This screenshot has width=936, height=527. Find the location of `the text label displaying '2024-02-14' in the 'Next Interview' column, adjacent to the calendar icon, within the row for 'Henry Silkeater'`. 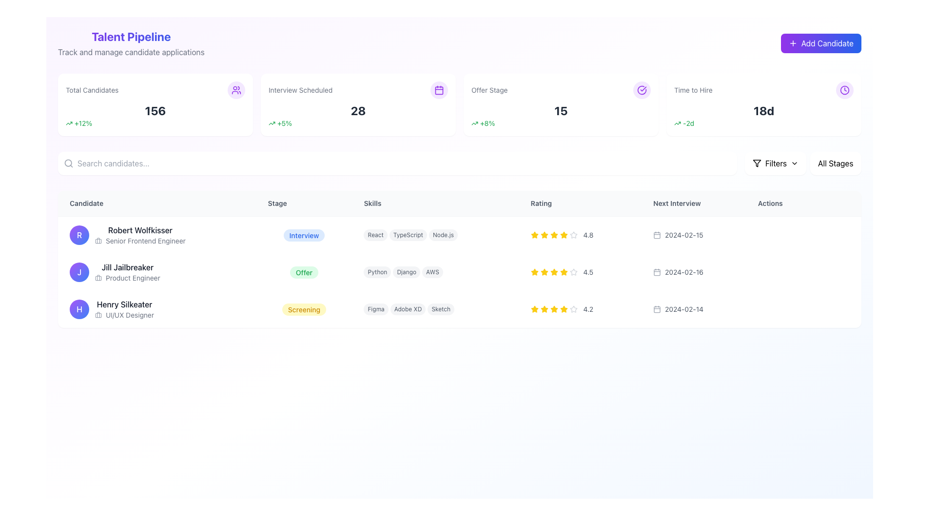

the text label displaying '2024-02-14' in the 'Next Interview' column, adjacent to the calendar icon, within the row for 'Henry Silkeater' is located at coordinates (683, 309).